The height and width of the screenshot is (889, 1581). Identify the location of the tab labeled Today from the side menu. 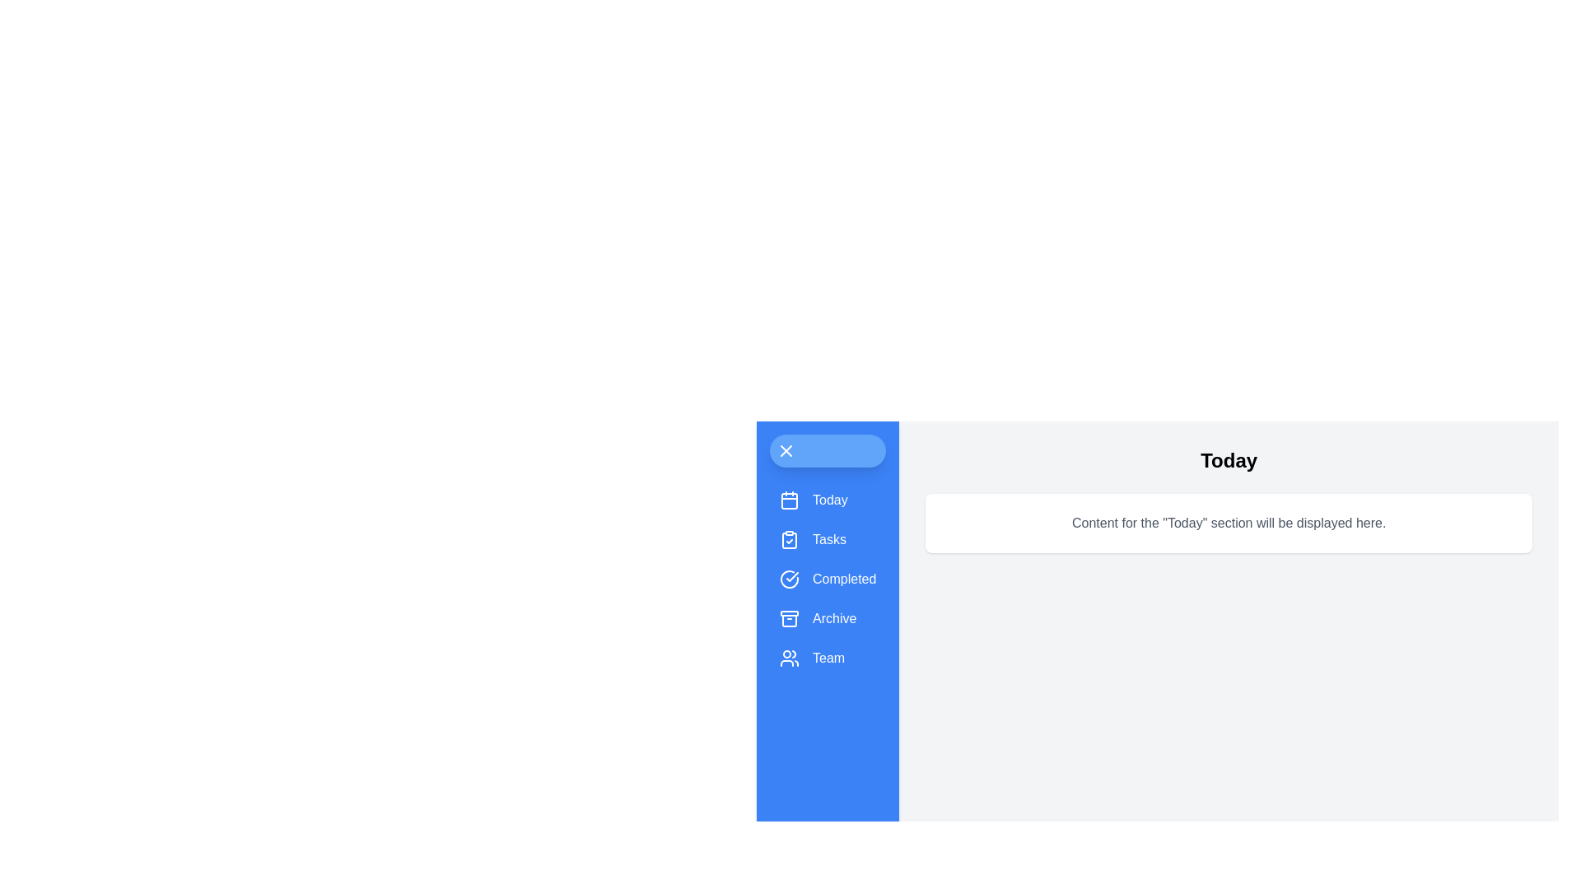
(828, 500).